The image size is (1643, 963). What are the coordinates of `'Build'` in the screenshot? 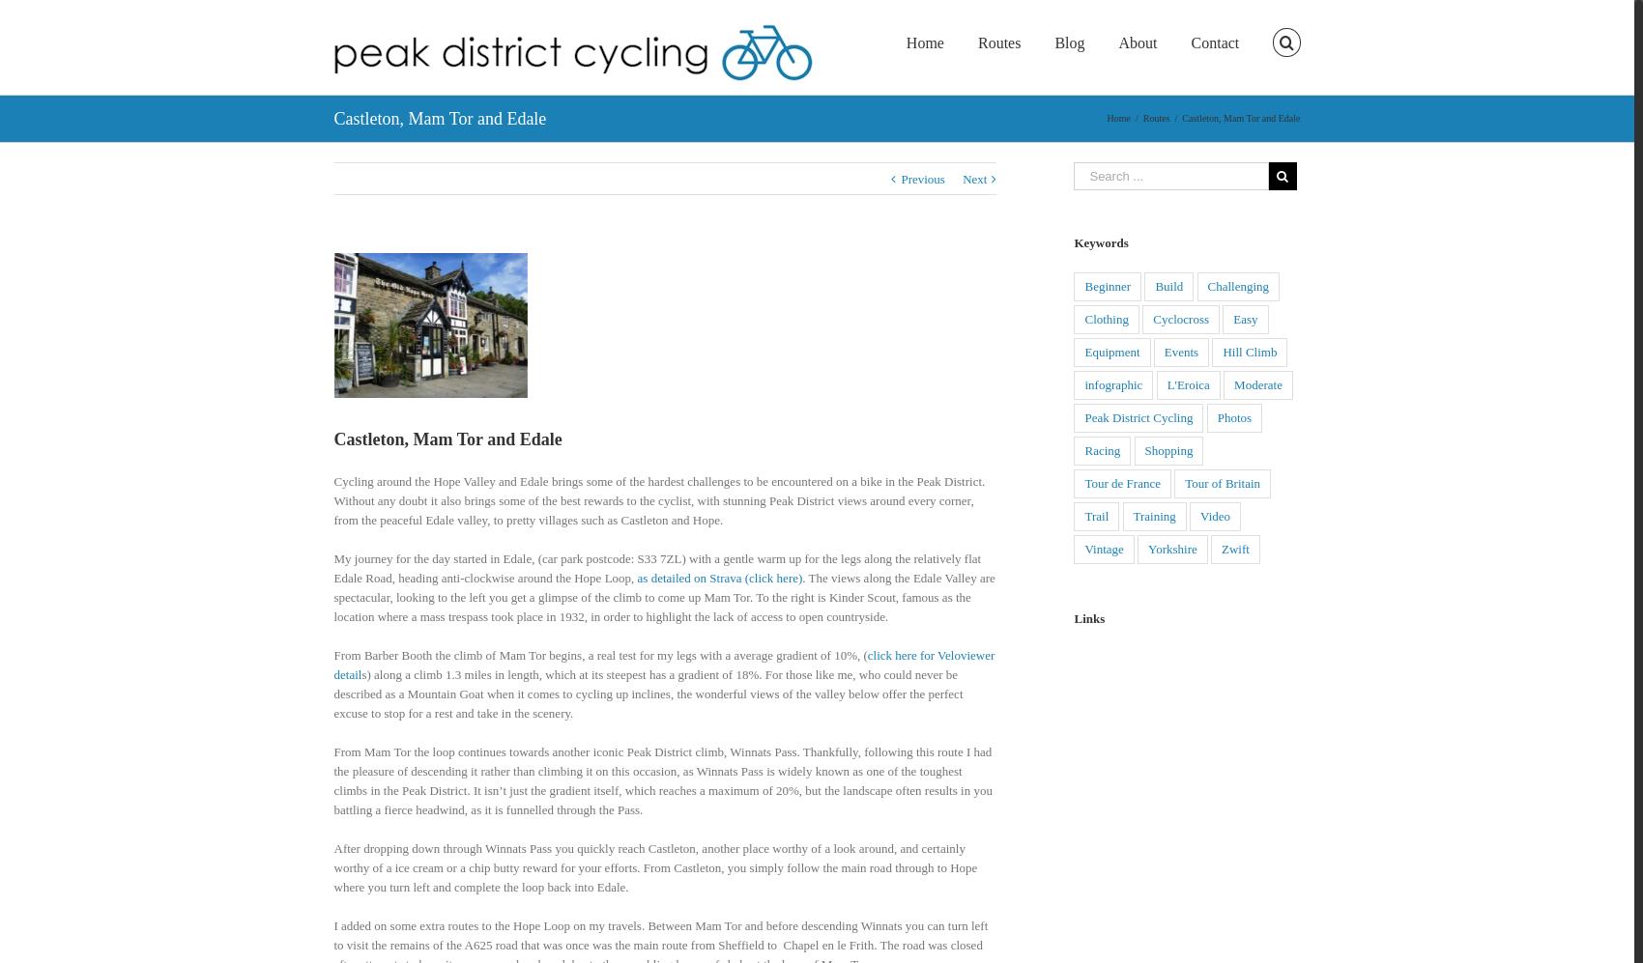 It's located at (1167, 286).